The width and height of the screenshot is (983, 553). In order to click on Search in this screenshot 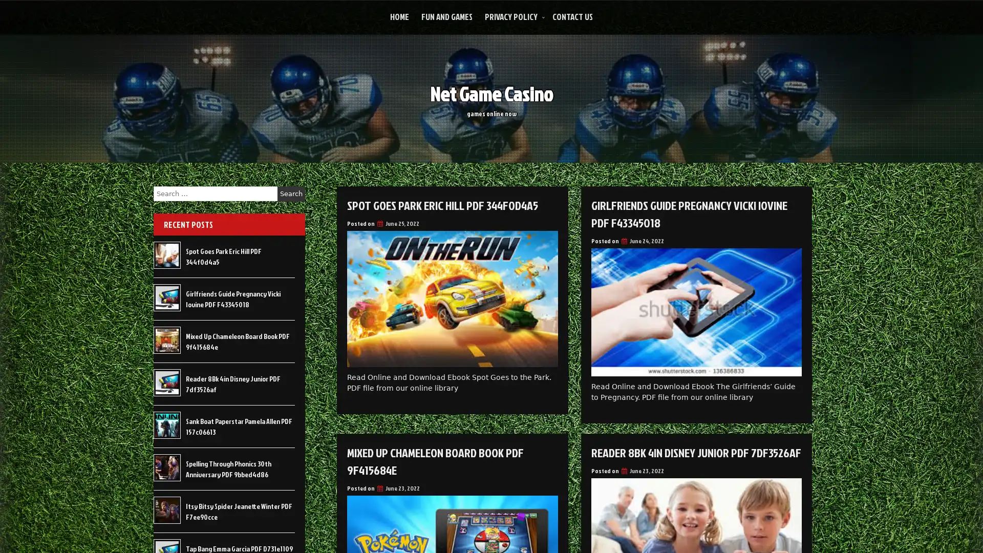, I will do `click(291, 194)`.